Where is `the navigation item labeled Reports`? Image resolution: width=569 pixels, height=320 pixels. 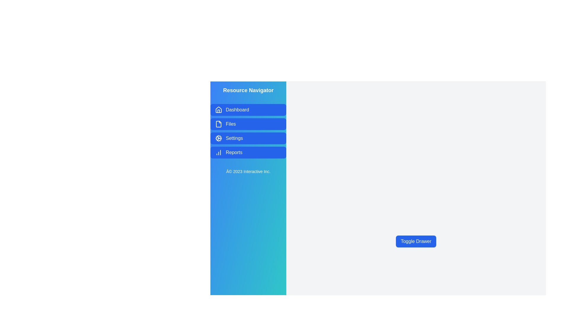 the navigation item labeled Reports is located at coordinates (248, 152).